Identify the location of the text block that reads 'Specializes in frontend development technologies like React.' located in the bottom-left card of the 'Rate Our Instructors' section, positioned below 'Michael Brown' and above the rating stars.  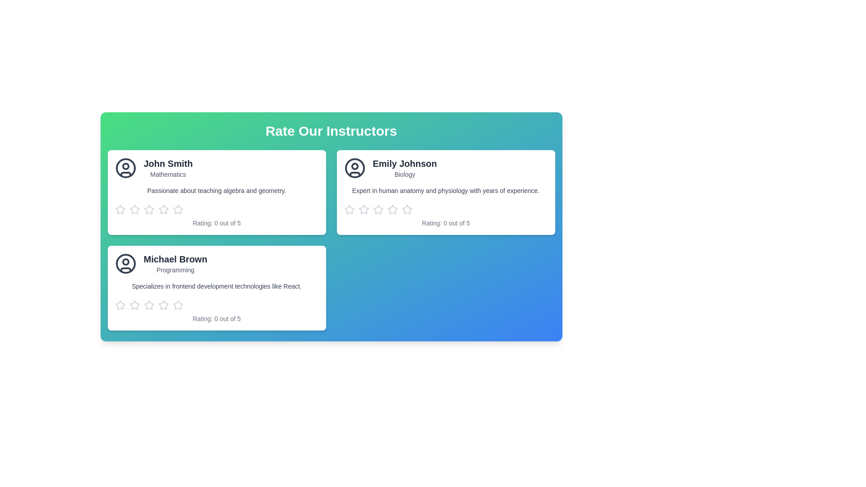
(216, 286).